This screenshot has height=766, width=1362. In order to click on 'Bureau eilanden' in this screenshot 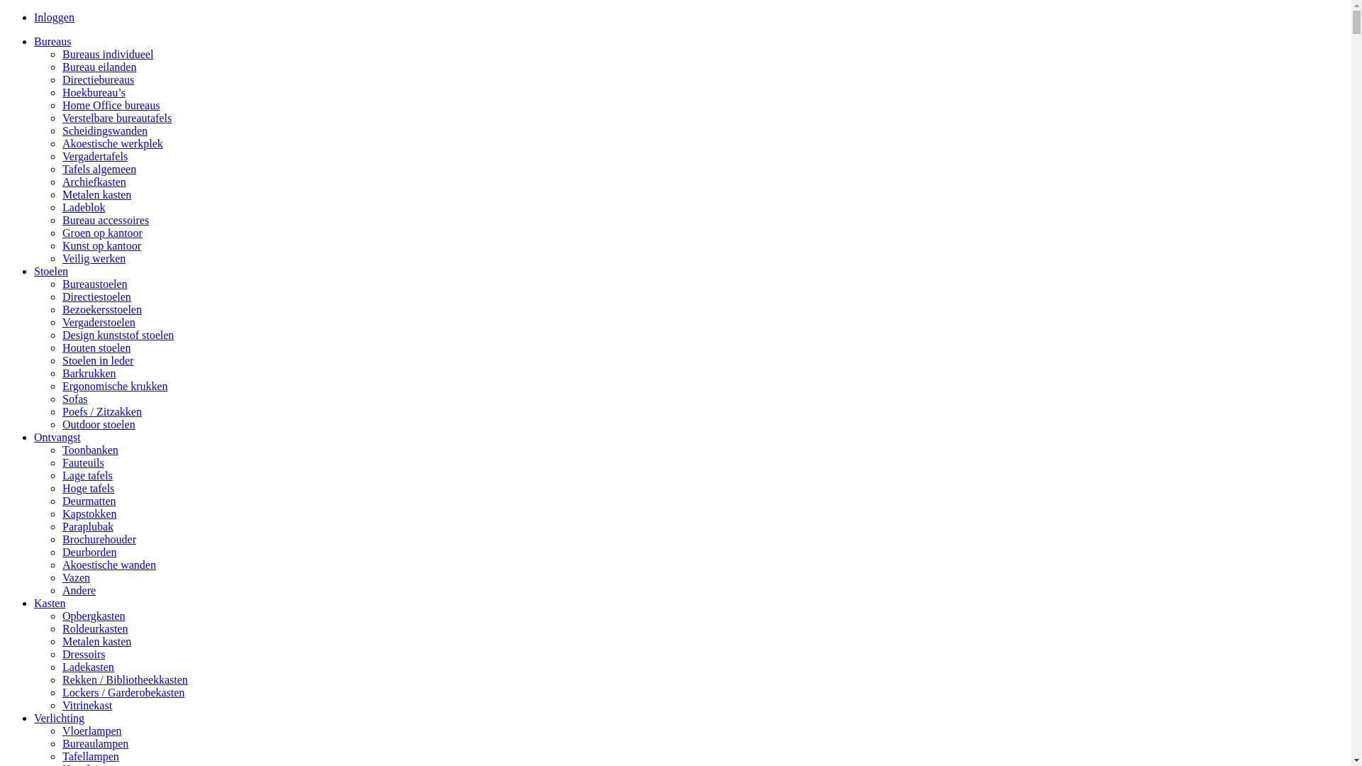, I will do `click(98, 67)`.